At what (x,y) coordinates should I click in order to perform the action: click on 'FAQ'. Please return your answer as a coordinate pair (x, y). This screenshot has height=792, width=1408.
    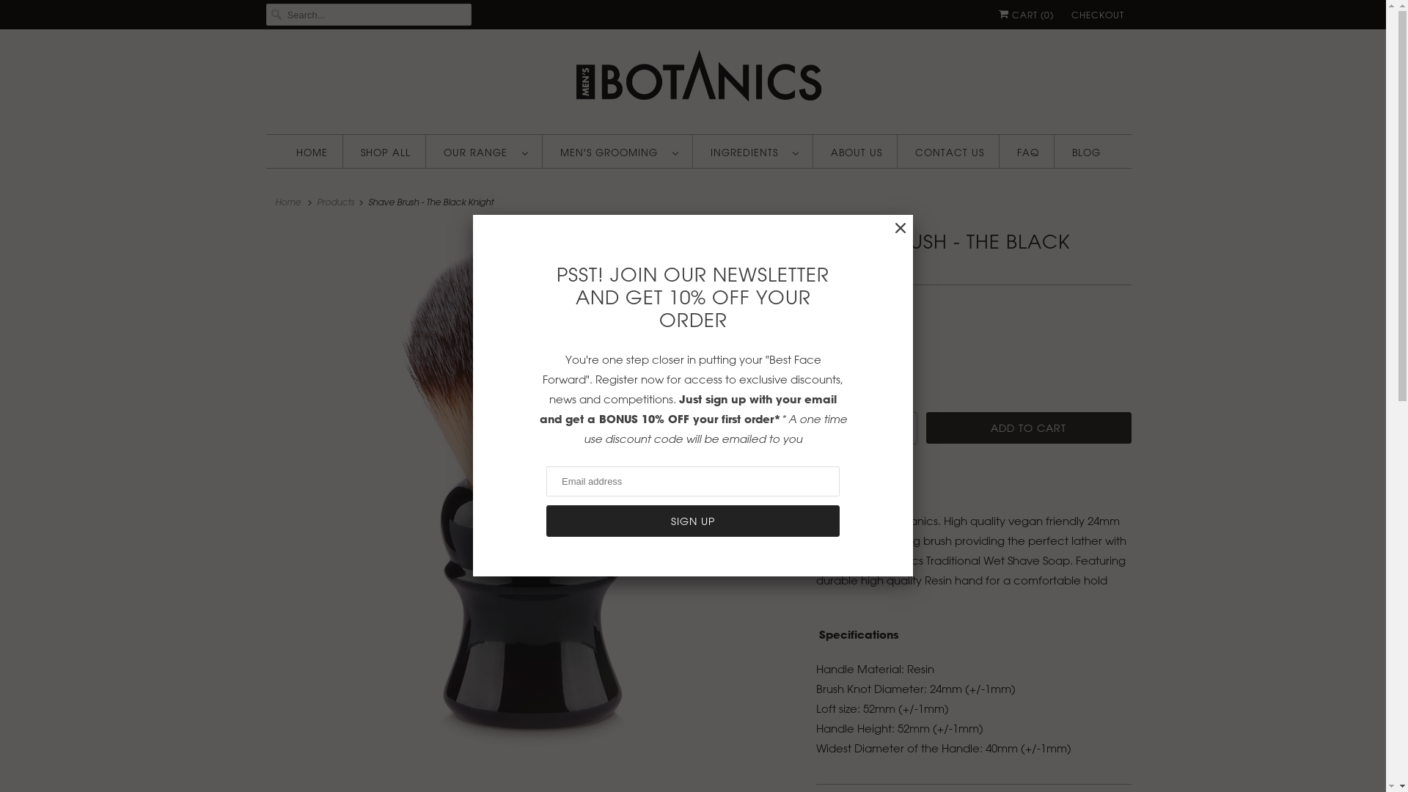
    Looking at the image, I should click on (1027, 152).